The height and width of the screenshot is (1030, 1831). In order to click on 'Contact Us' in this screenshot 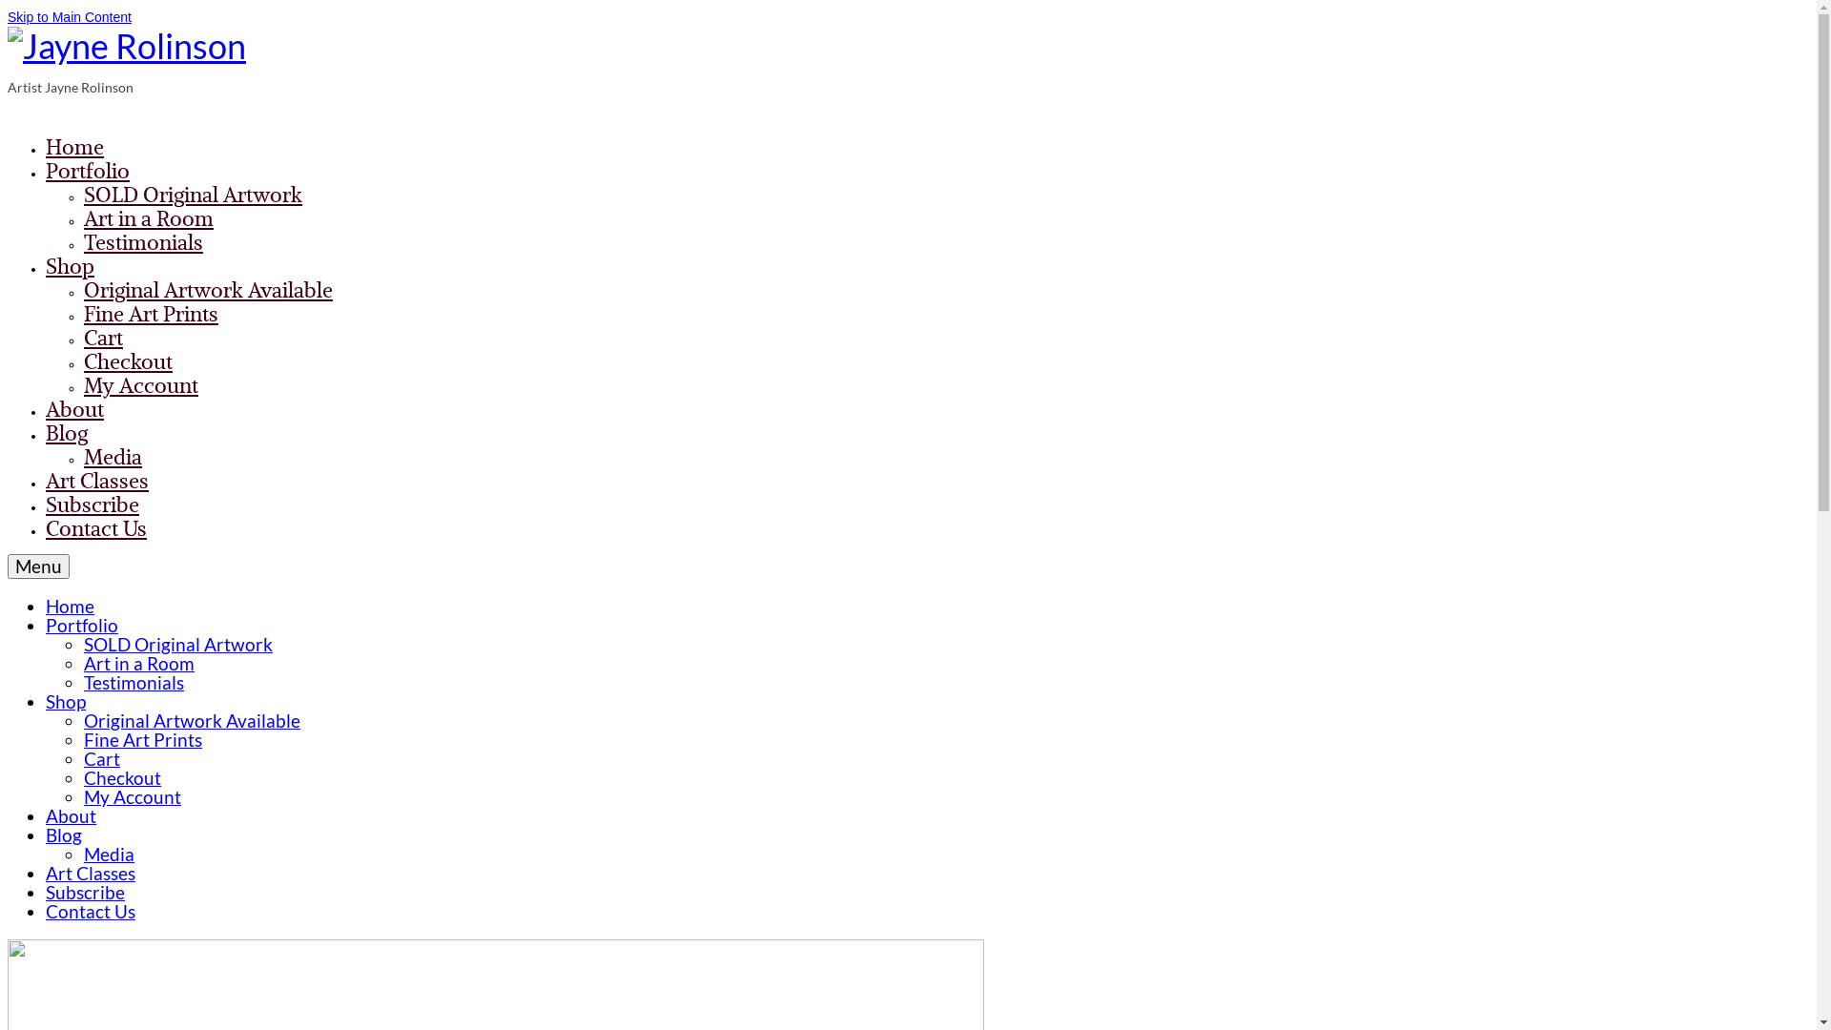, I will do `click(90, 910)`.